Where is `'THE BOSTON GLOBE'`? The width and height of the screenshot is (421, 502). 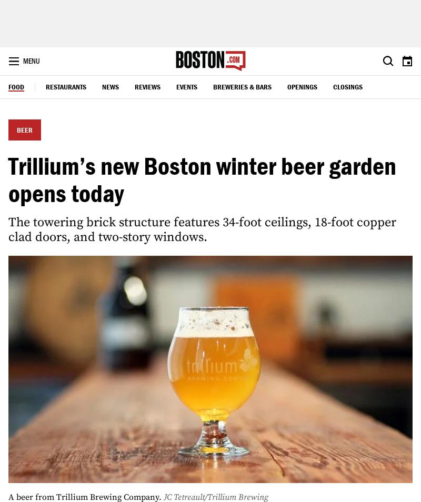 'THE BOSTON GLOBE' is located at coordinates (215, 365).